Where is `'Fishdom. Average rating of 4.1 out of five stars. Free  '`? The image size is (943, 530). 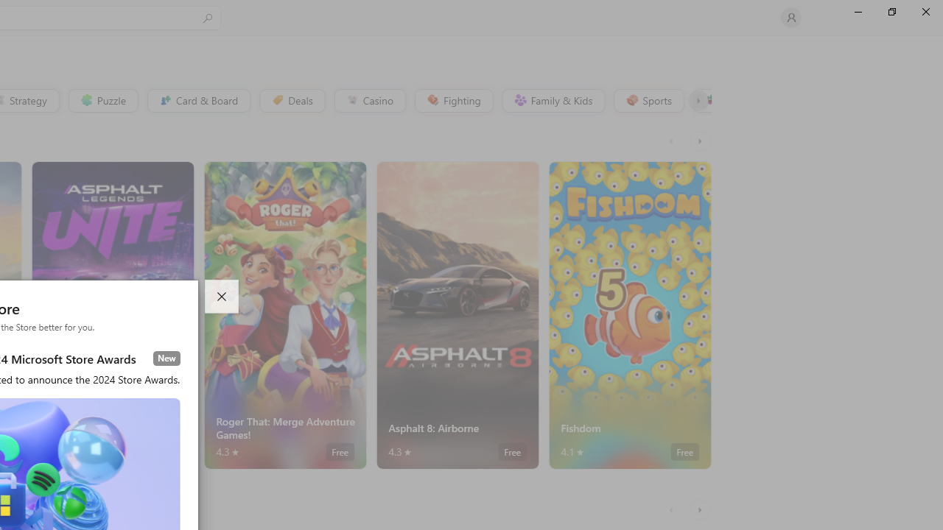 'Fishdom. Average rating of 4.1 out of five stars. Free  ' is located at coordinates (630, 314).